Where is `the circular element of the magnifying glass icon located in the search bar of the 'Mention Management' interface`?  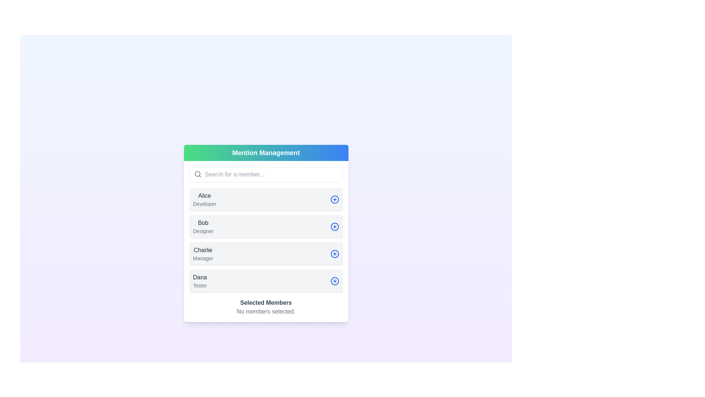
the circular element of the magnifying glass icon located in the search bar of the 'Mention Management' interface is located at coordinates (197, 174).